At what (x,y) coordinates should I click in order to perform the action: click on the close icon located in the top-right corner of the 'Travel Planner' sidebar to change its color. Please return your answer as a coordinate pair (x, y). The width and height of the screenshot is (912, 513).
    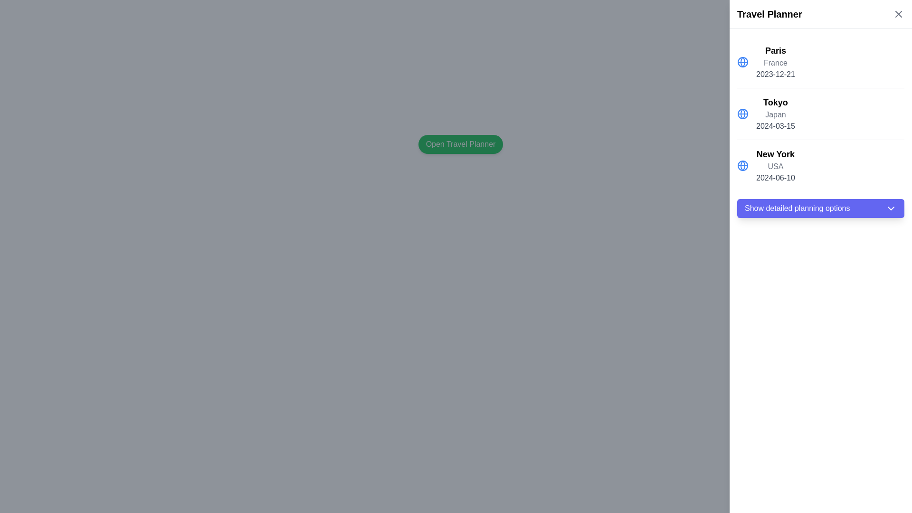
    Looking at the image, I should click on (898, 14).